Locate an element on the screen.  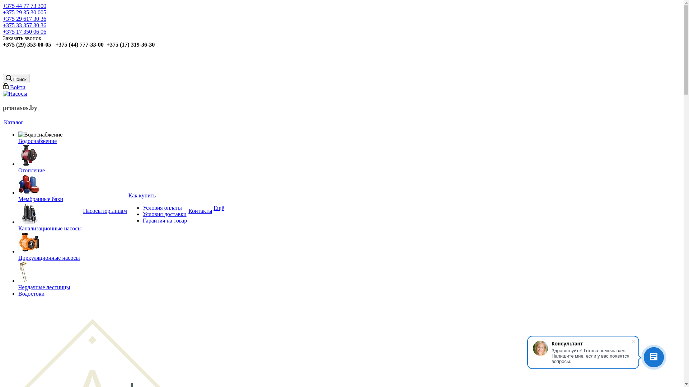
'+375 29 617 30 36' is located at coordinates (24, 18).